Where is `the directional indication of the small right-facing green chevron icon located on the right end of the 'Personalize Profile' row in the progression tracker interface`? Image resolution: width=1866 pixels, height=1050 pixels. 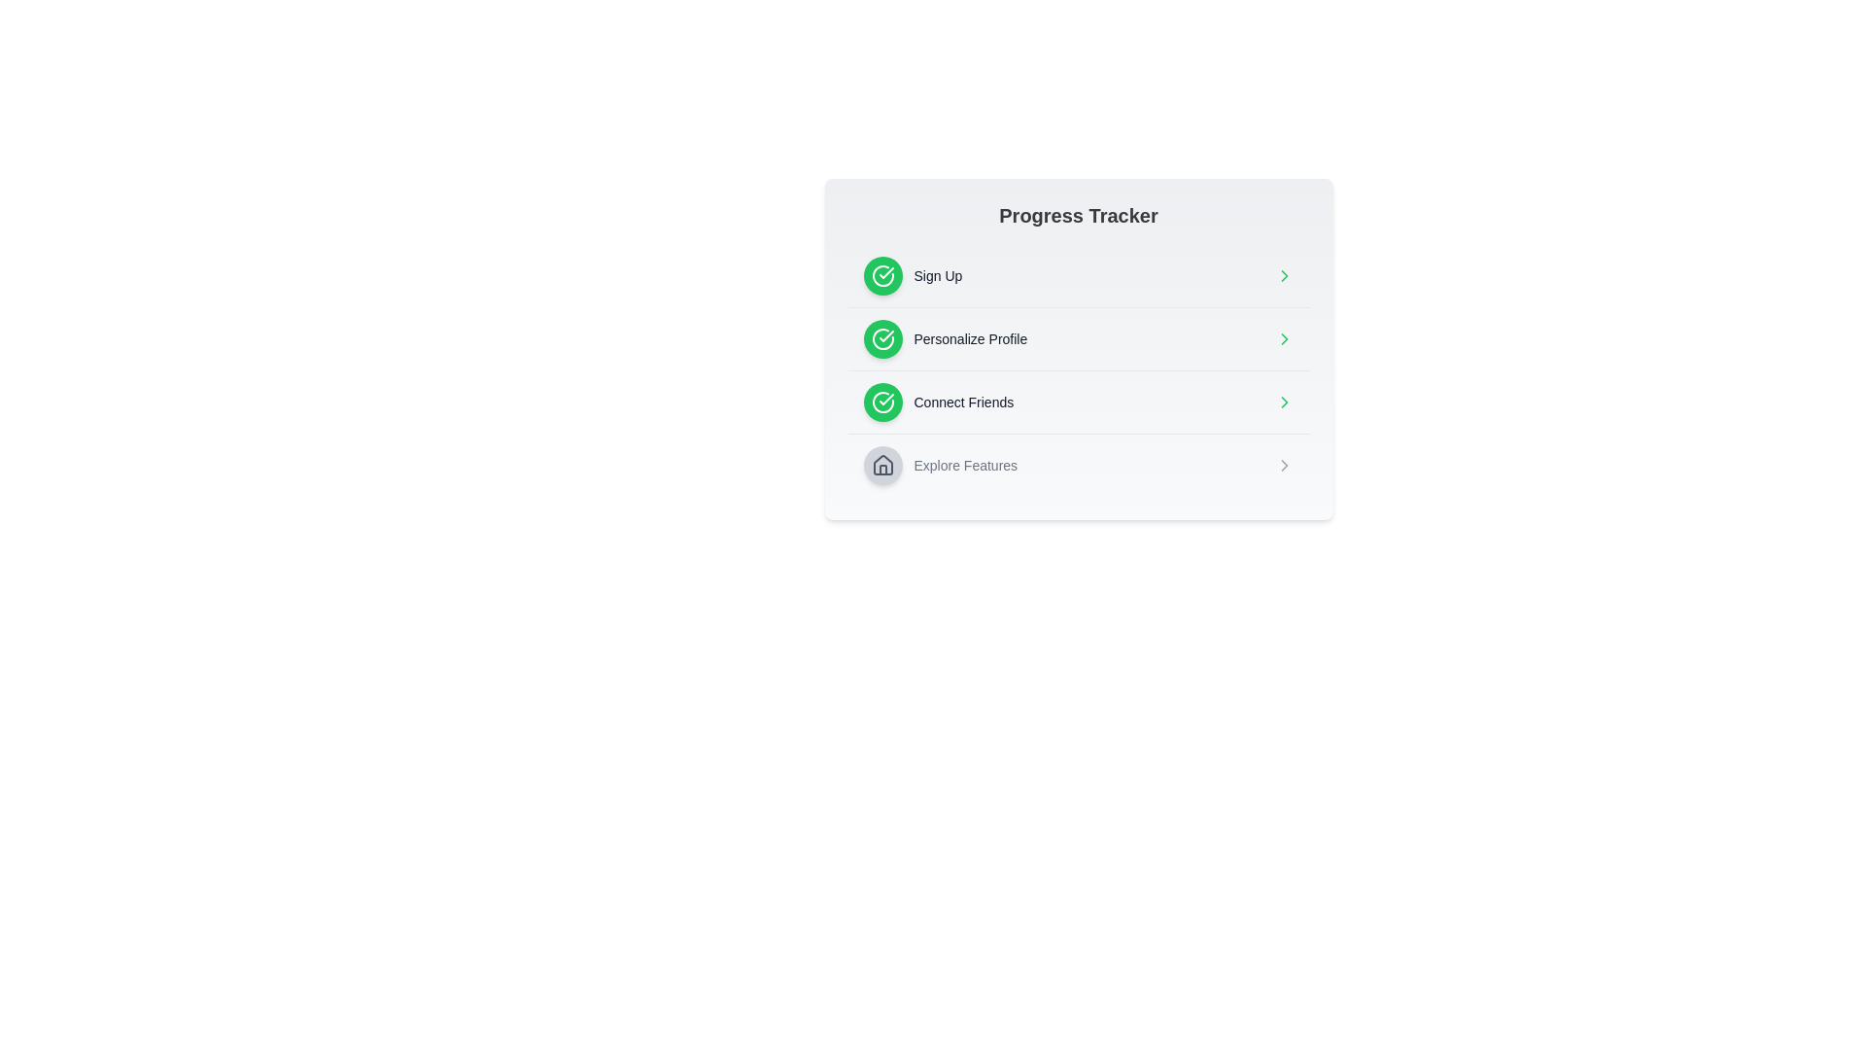 the directional indication of the small right-facing green chevron icon located on the right end of the 'Personalize Profile' row in the progression tracker interface is located at coordinates (1284, 337).